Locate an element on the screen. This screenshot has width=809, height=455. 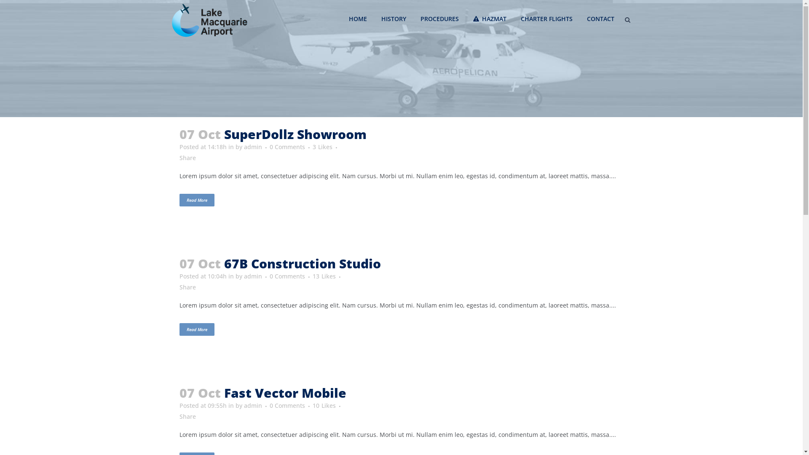
'0 Comments' is located at coordinates (269, 405).